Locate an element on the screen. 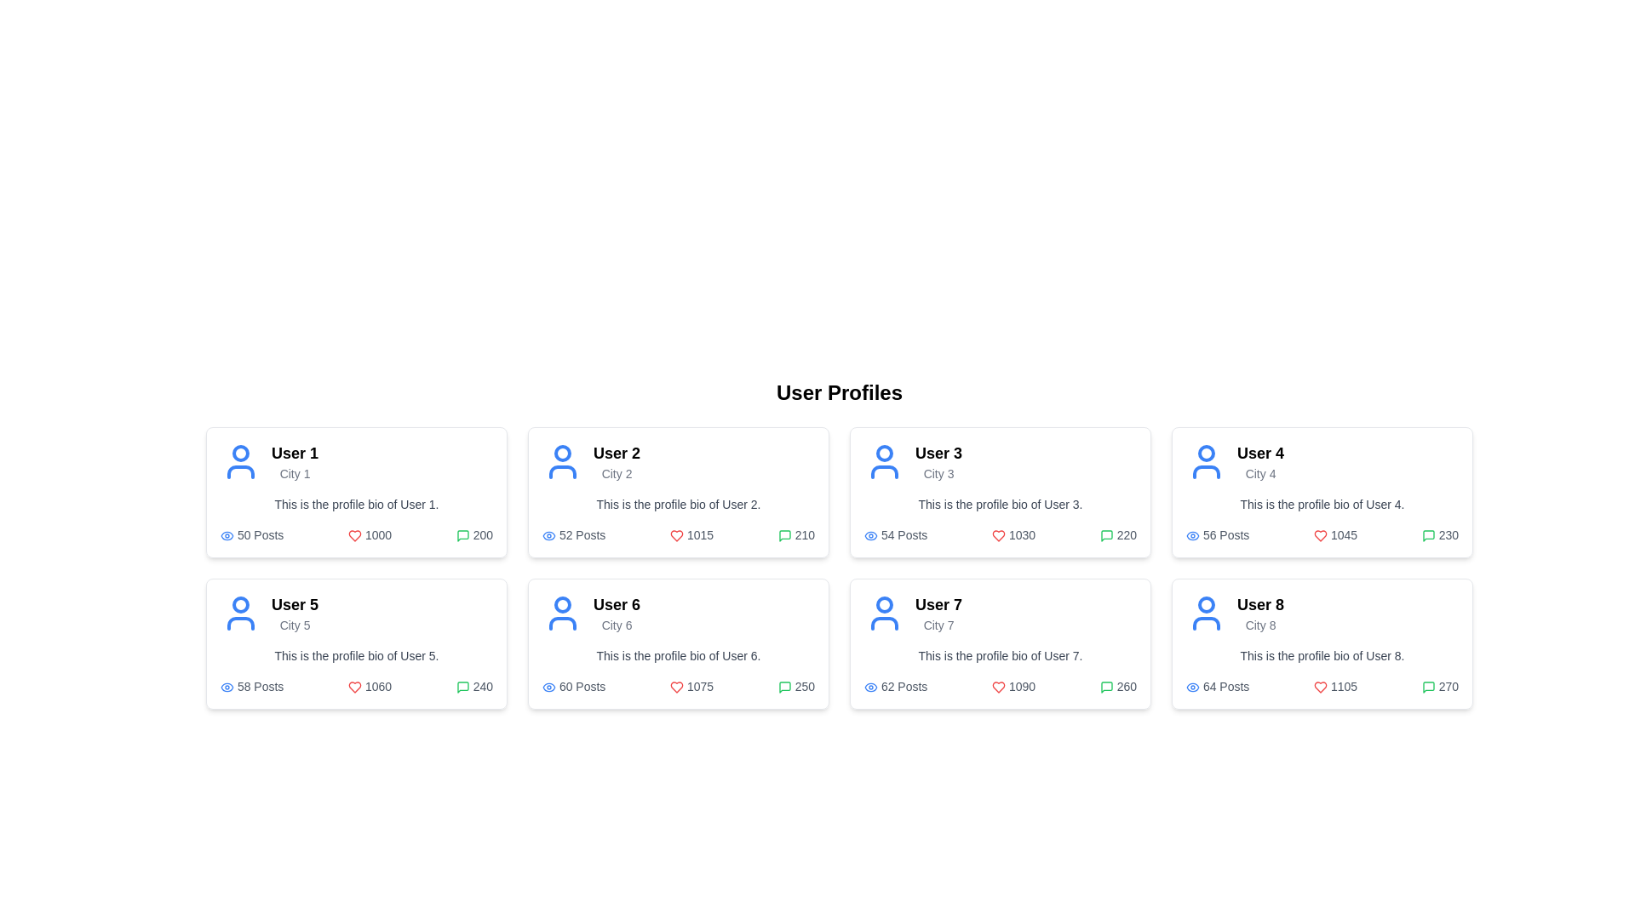  text label displaying 'User 3' in bold and large font, located in the upper-left section of the profile card for 'User 3', positioned above 'City 3' is located at coordinates (938, 452).